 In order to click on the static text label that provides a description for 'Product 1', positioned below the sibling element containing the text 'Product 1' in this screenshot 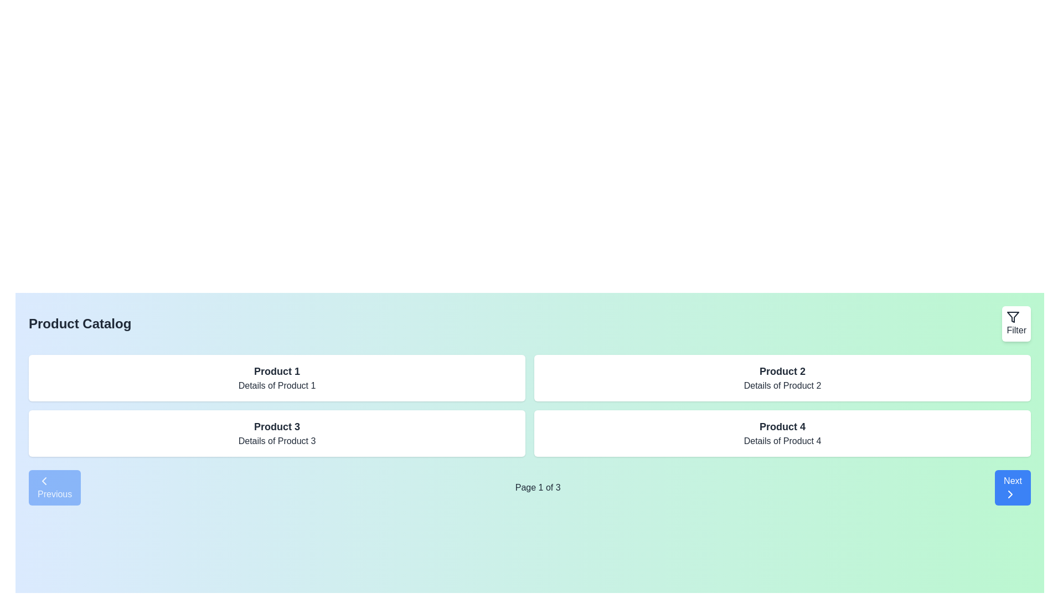, I will do `click(277, 385)`.